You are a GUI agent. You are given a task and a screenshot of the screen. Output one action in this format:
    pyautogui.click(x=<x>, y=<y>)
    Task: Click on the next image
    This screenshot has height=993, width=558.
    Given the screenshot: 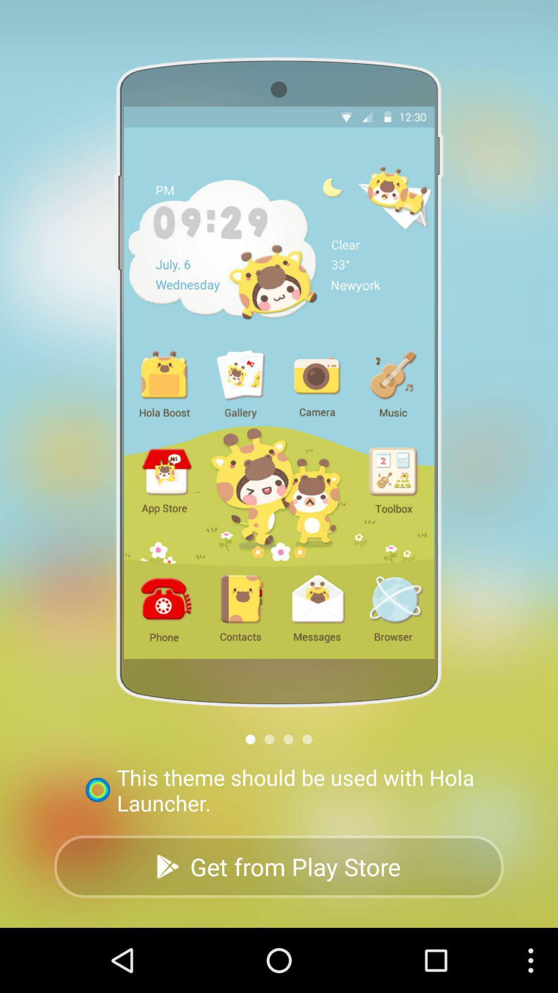 What is the action you would take?
    pyautogui.click(x=269, y=739)
    